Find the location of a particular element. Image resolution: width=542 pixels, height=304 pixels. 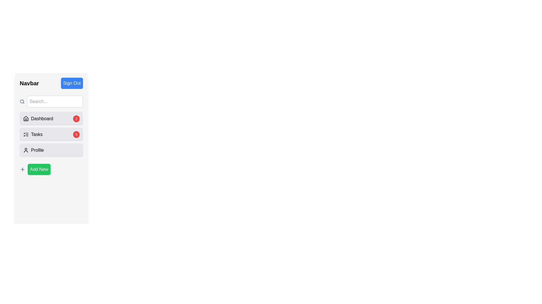

the Badge or Label displaying the number '2' with a red background, located inside the 'Dashboard' menu item is located at coordinates (76, 118).